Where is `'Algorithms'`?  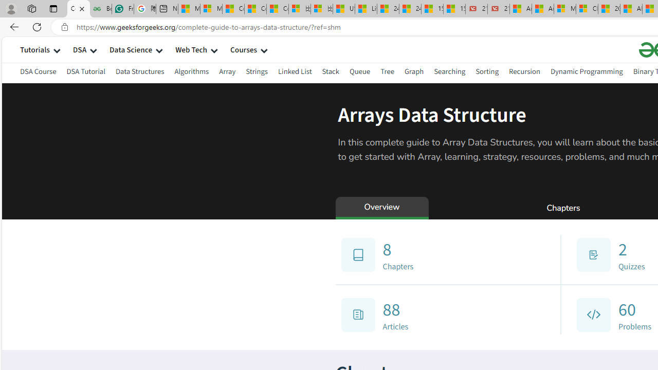 'Algorithms' is located at coordinates (192, 71).